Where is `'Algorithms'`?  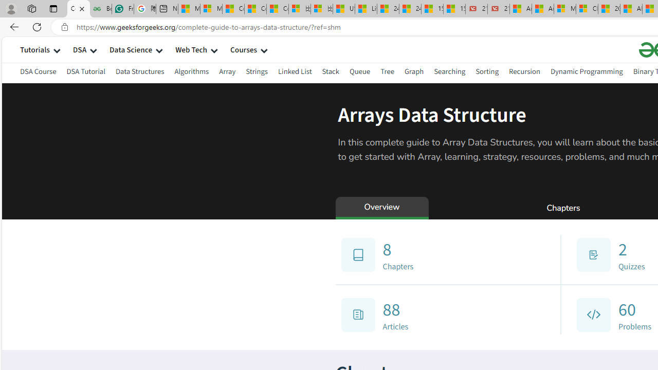 'Algorithms' is located at coordinates (192, 71).